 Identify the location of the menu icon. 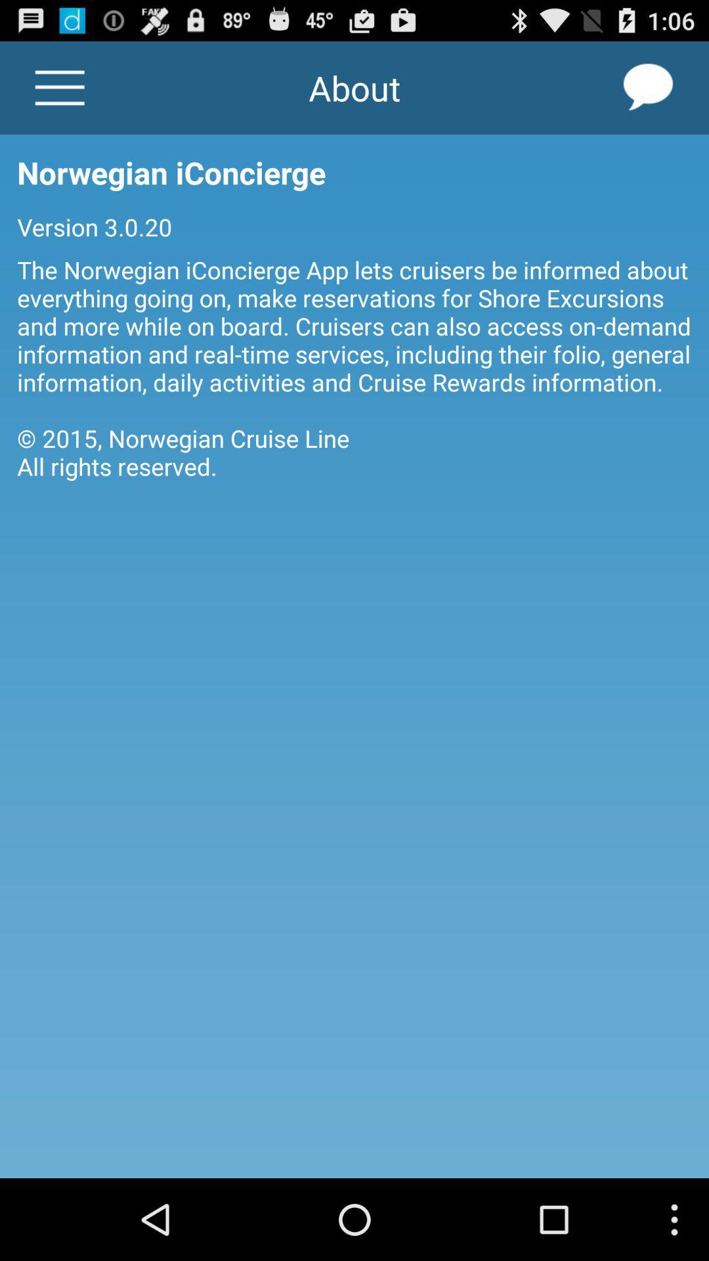
(60, 93).